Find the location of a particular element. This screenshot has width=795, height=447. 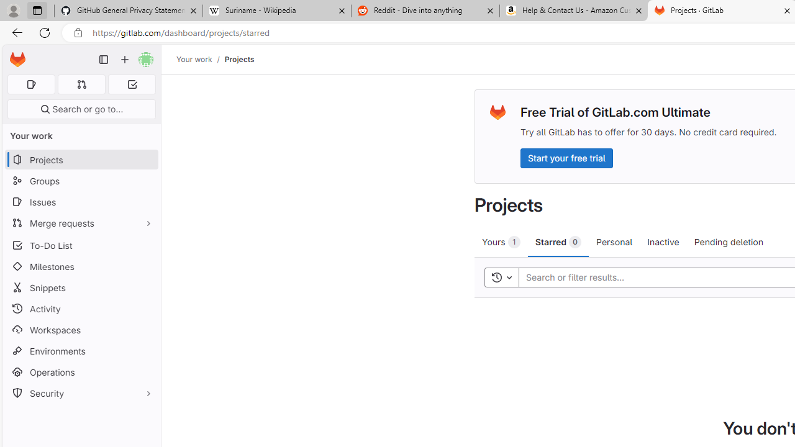

'Your work/' is located at coordinates (201, 59).